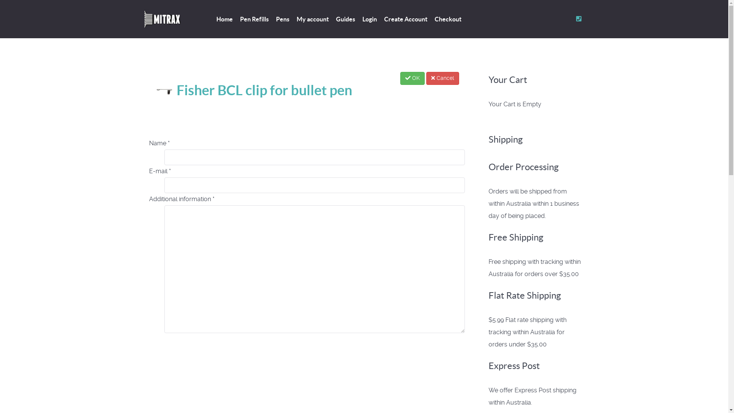  Describe the element at coordinates (253, 89) in the screenshot. I see `'Fisher BCL clip for bullet pen'` at that location.